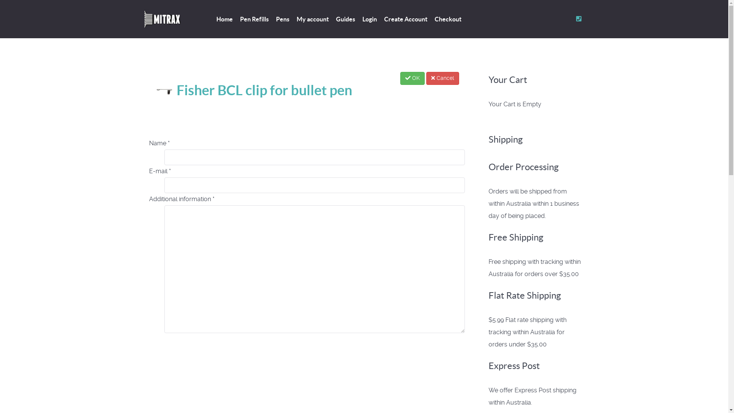  Describe the element at coordinates (253, 89) in the screenshot. I see `'Fisher BCL clip for bullet pen'` at that location.